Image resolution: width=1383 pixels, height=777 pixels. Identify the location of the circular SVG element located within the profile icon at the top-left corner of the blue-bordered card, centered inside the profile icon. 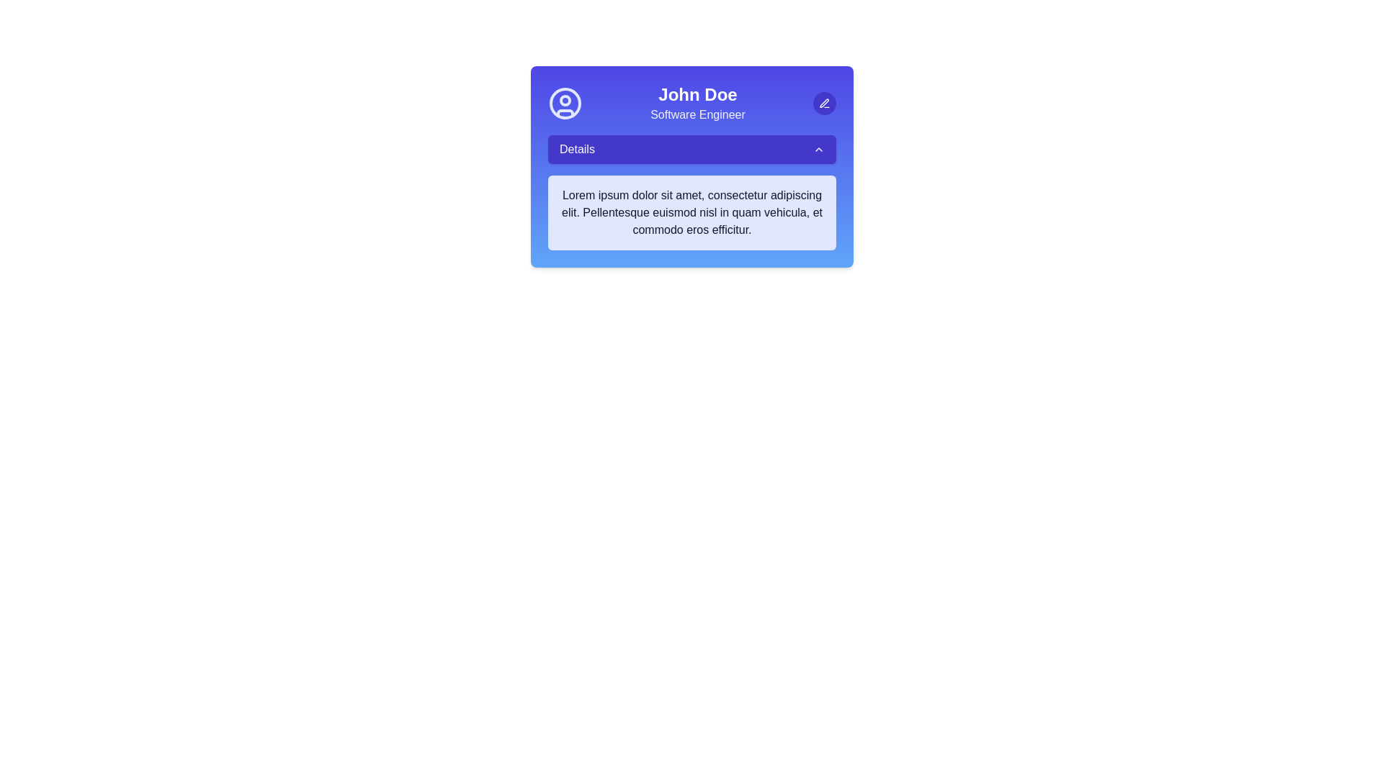
(565, 99).